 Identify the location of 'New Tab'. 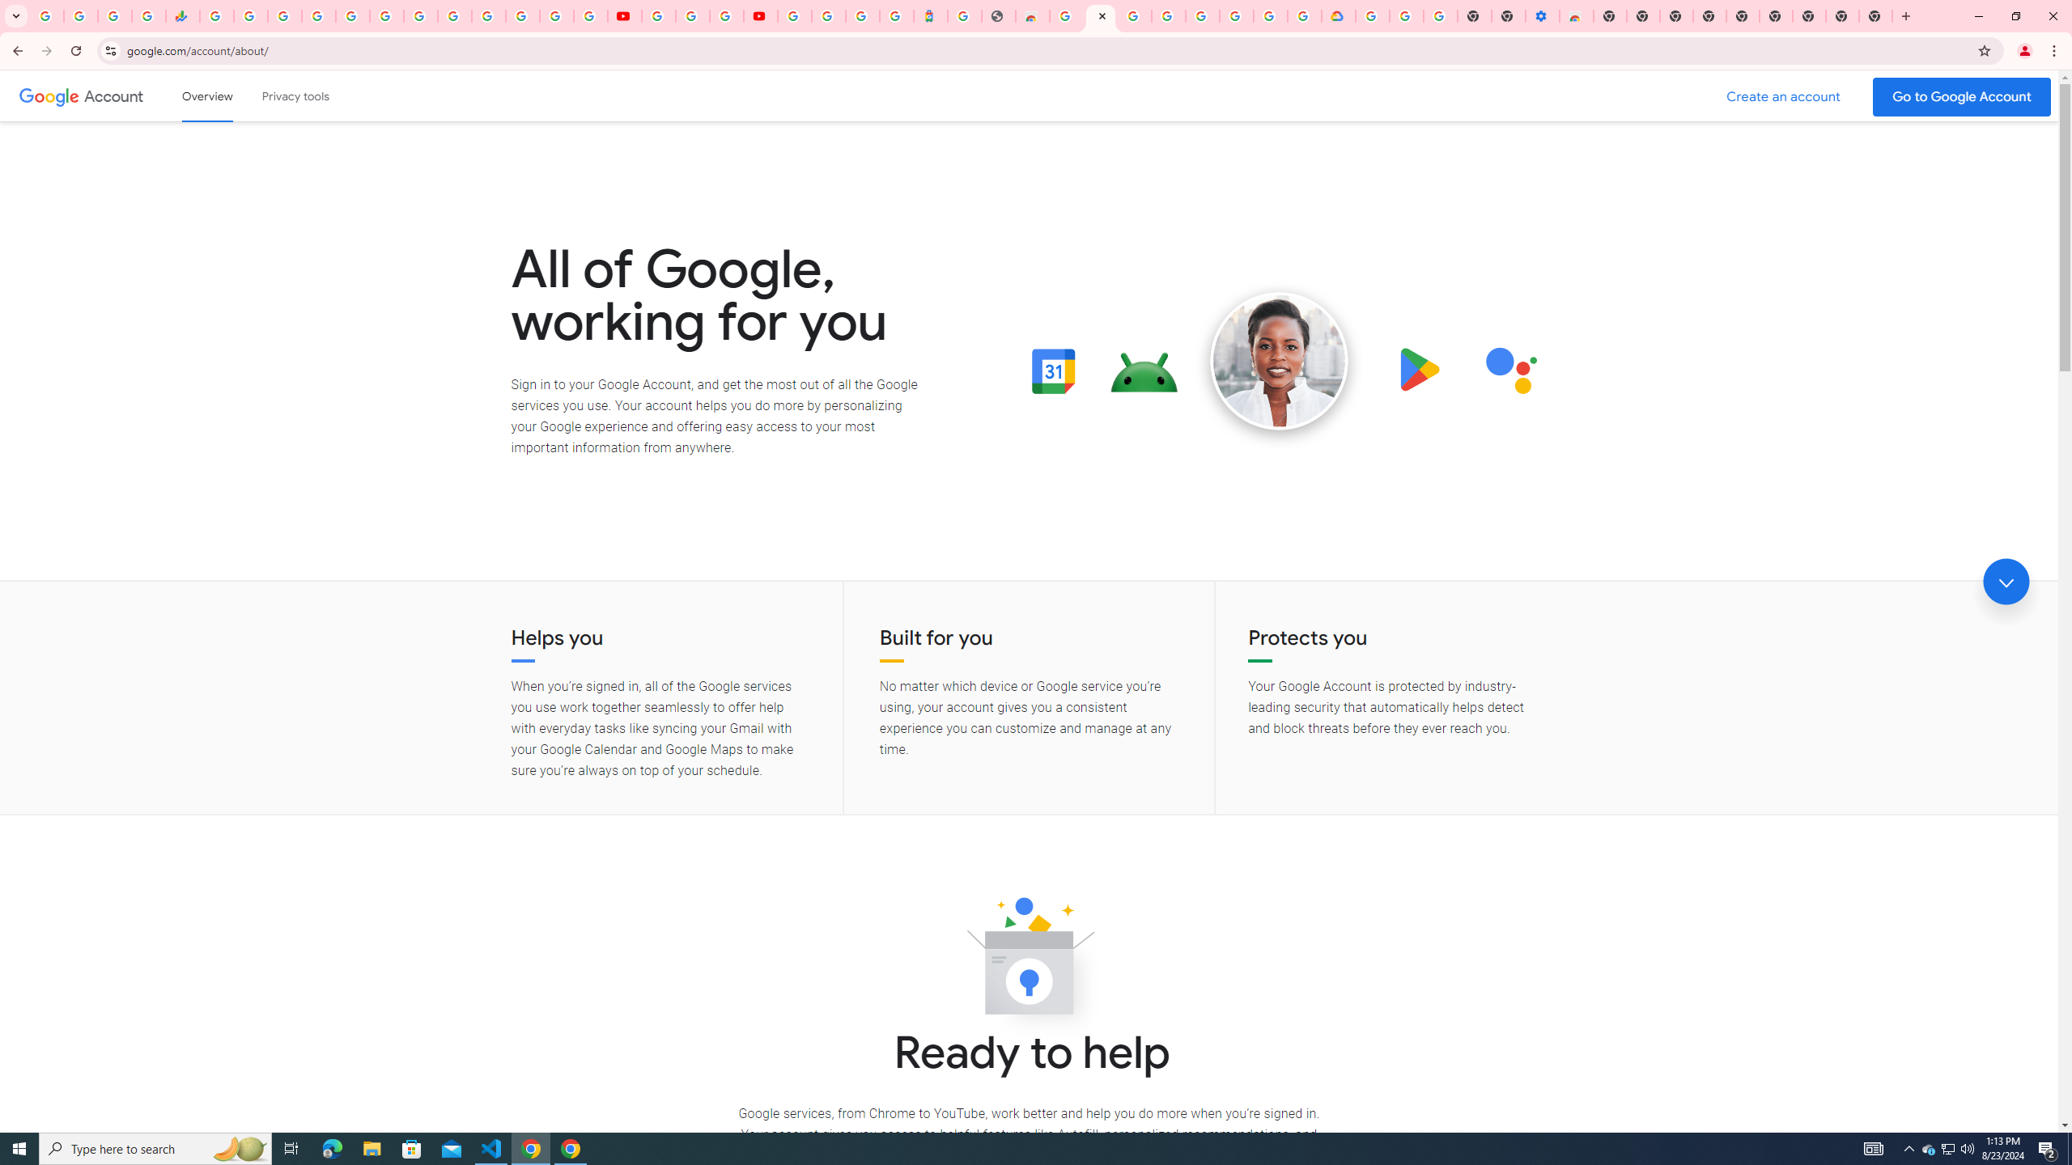
(1809, 15).